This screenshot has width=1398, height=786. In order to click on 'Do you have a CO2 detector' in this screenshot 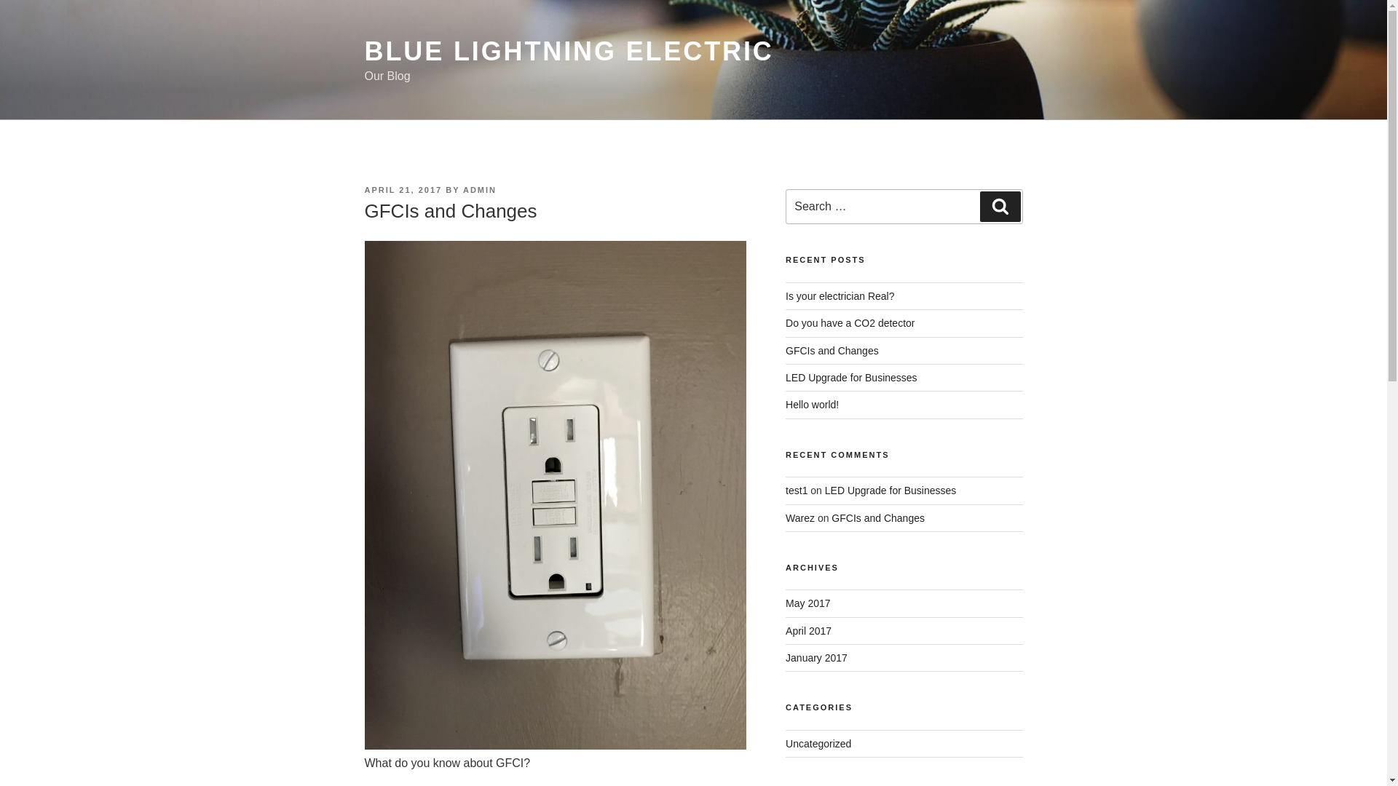, I will do `click(850, 322)`.